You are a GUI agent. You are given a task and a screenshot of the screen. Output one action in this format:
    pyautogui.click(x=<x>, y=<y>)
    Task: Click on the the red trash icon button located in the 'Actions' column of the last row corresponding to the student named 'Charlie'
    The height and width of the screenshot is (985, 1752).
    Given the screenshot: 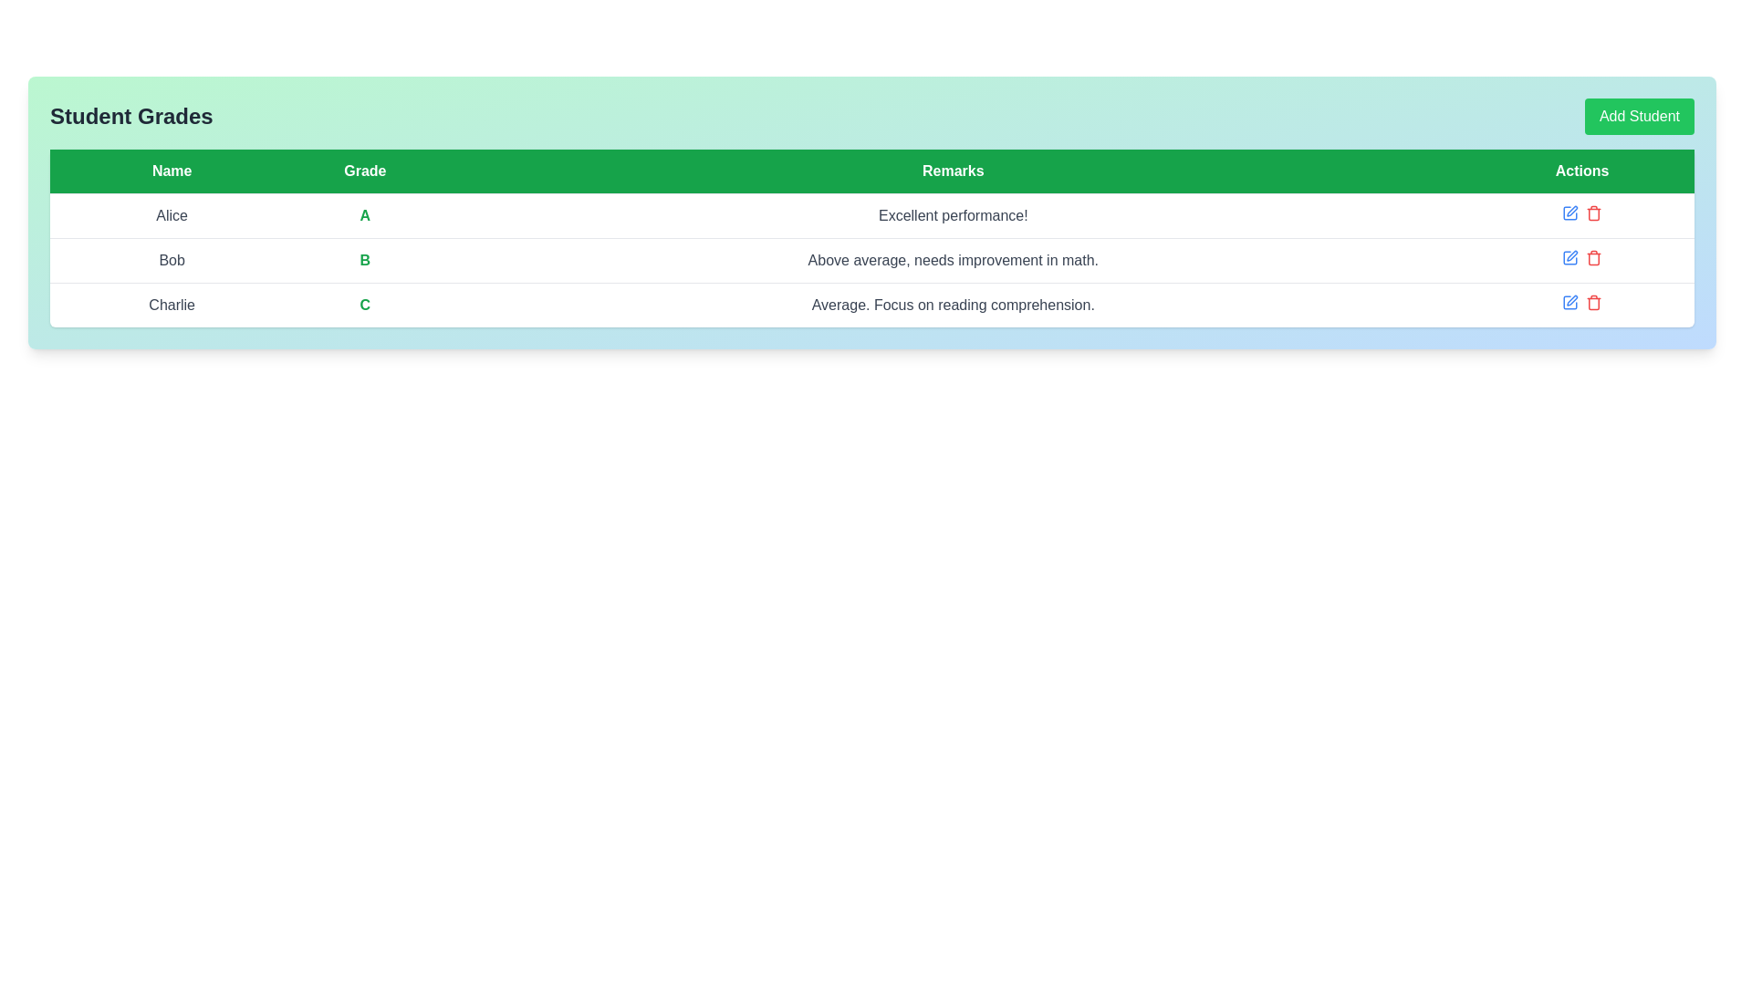 What is the action you would take?
    pyautogui.click(x=1593, y=301)
    